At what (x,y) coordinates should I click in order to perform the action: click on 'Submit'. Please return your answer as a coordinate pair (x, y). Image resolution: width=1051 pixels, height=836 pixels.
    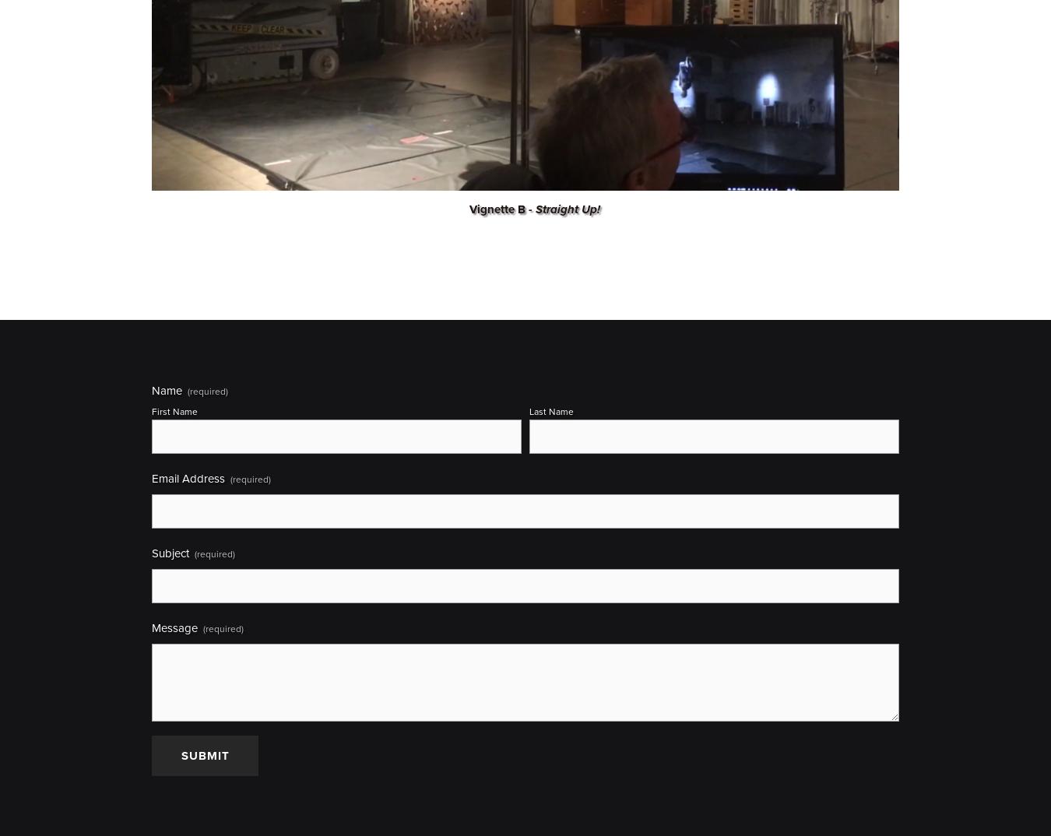
    Looking at the image, I should click on (203, 755).